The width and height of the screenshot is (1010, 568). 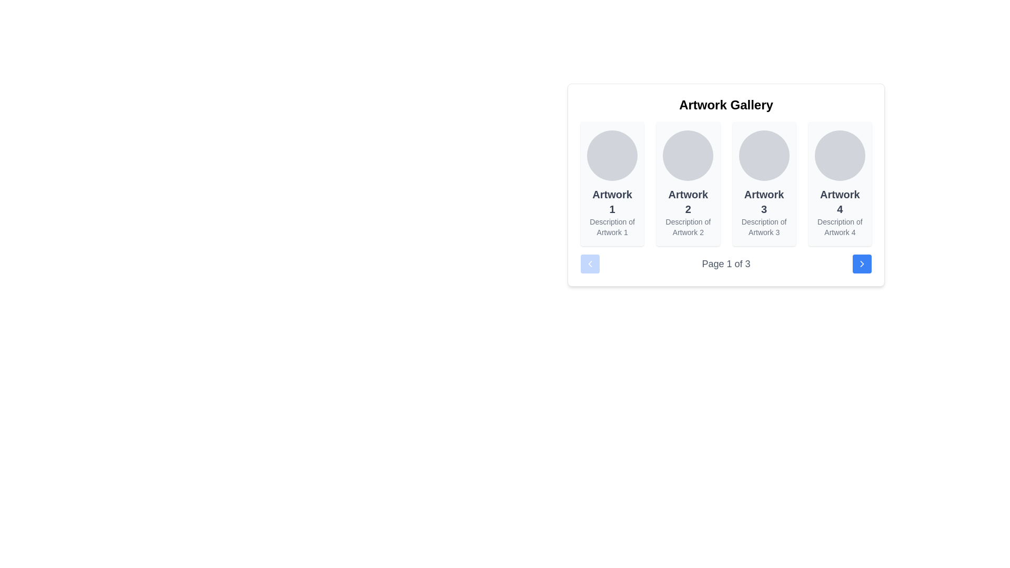 I want to click on the image placeholder located in the top section of the card labeled 'Artwork 3', which is the third card from the left, so click(x=764, y=156).